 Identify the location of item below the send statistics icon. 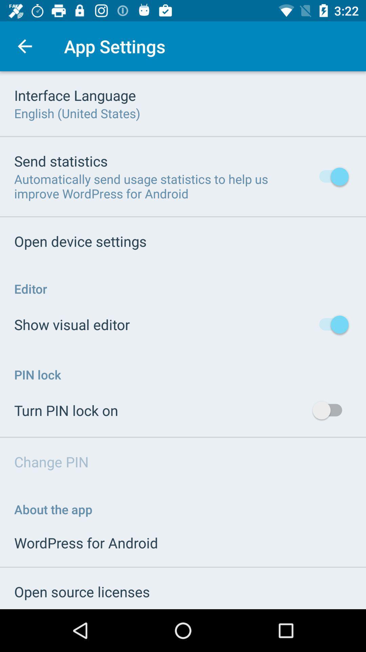
(162, 186).